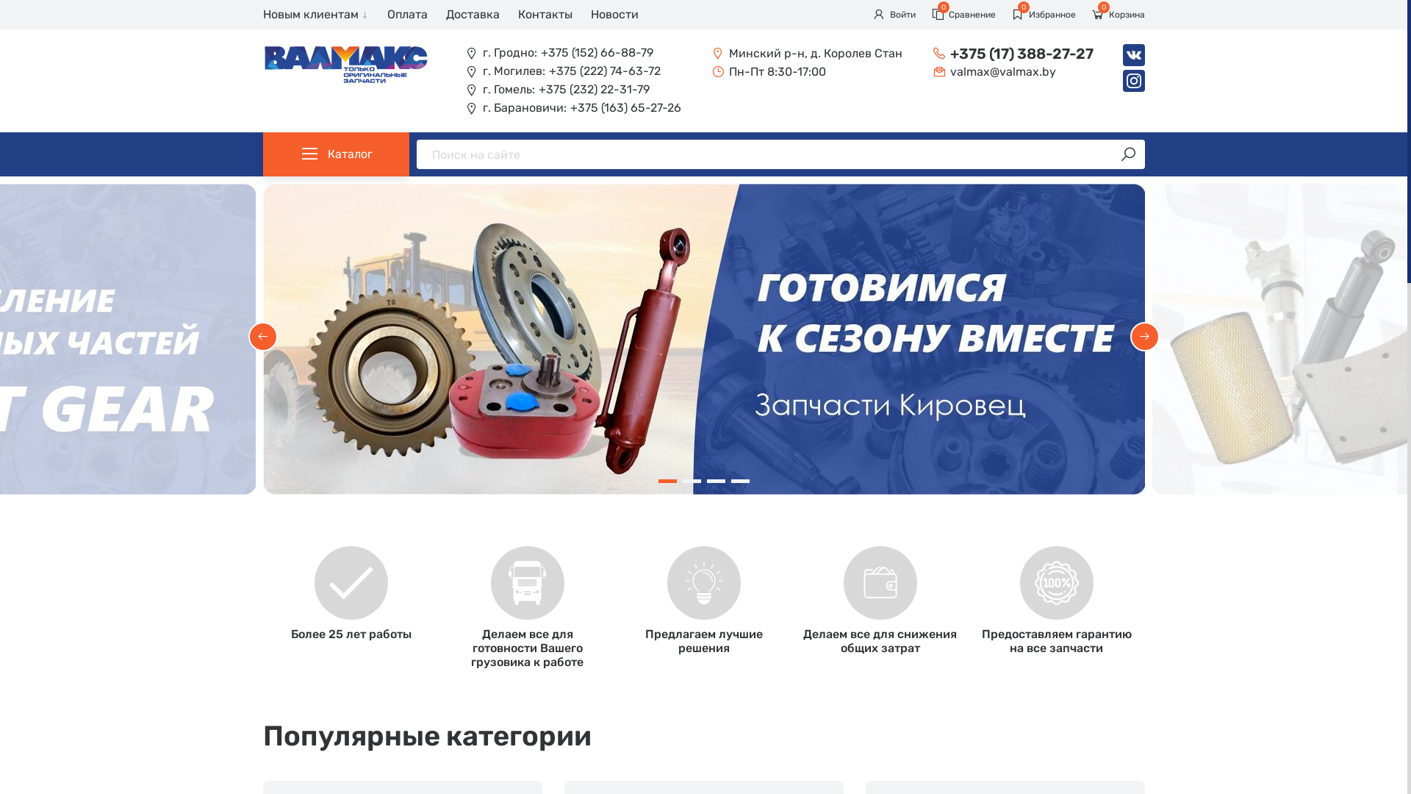  Describe the element at coordinates (1011, 52) in the screenshot. I see `'+375 (17) 388-27-27'` at that location.